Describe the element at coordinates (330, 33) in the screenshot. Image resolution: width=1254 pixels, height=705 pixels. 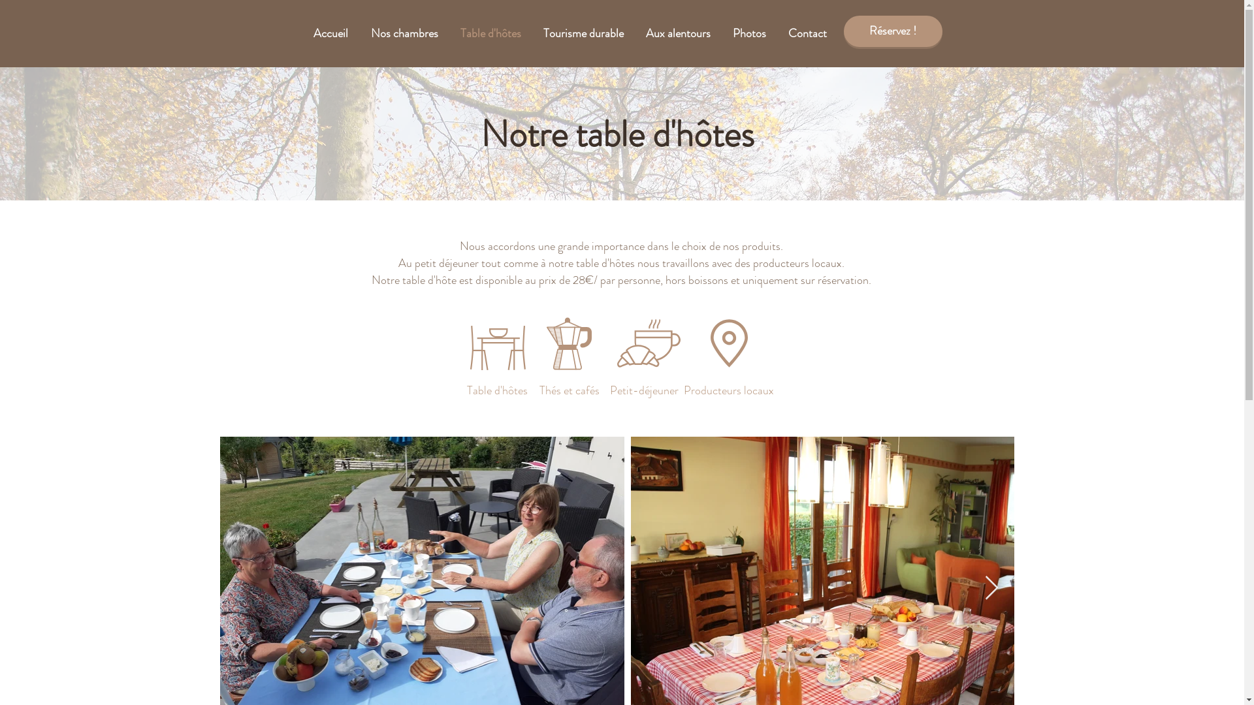
I see `'Accueil'` at that location.